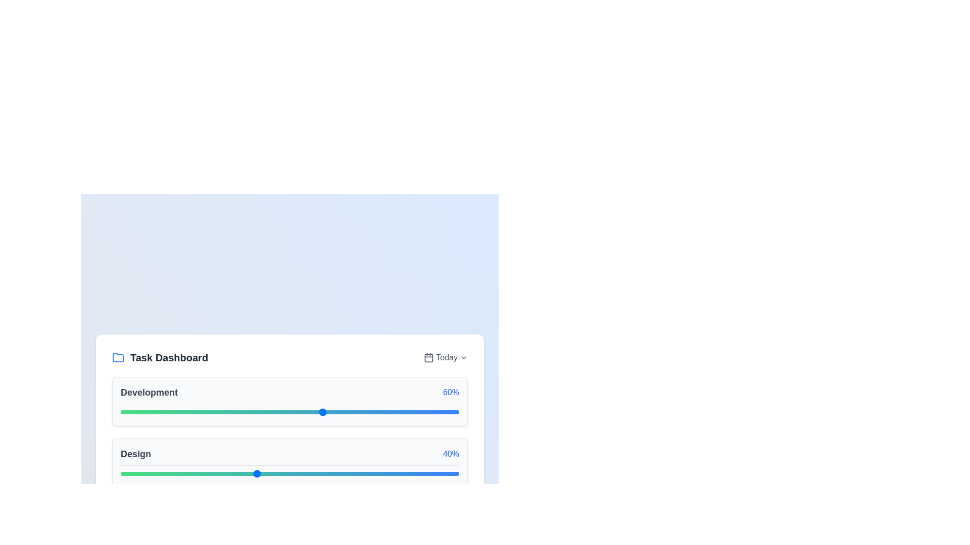  I want to click on the progress of the 'Design' slider, so click(188, 473).